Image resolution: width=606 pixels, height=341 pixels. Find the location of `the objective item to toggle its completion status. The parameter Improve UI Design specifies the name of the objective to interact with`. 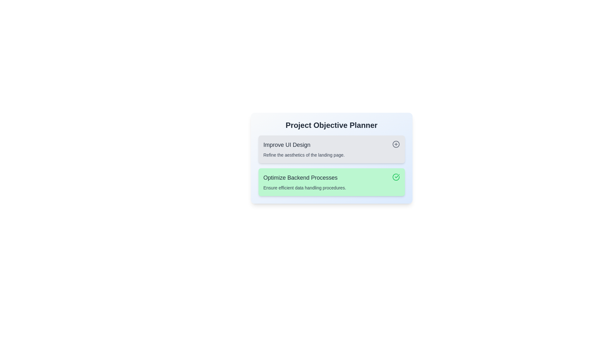

the objective item to toggle its completion status. The parameter Improve UI Design specifies the name of the objective to interact with is located at coordinates (331, 149).